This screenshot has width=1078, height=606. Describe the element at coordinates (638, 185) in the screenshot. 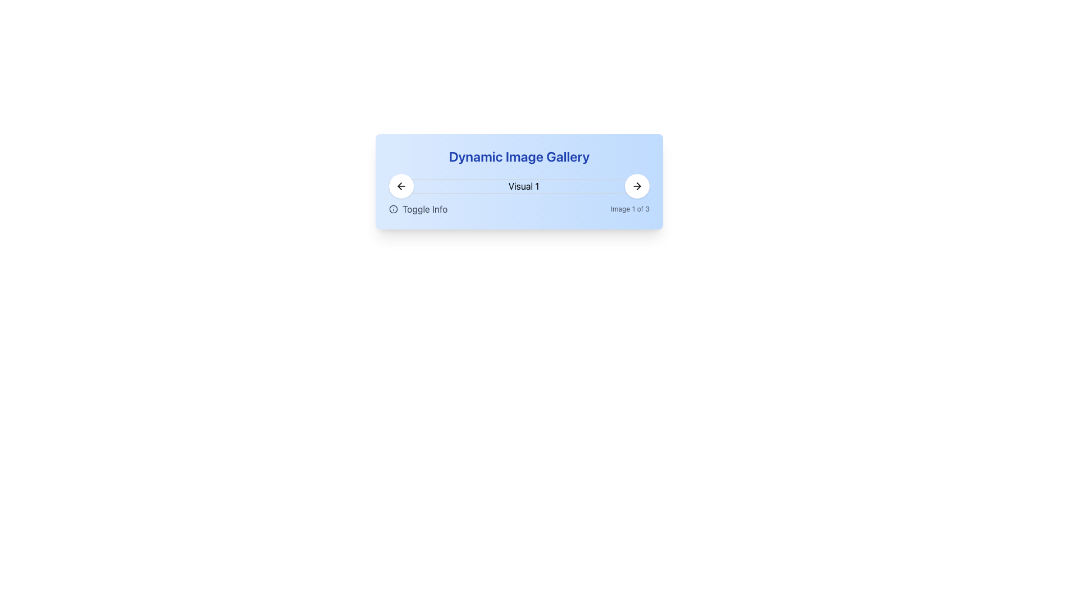

I see `the rightward arrow icon located at the top right side of the rectangular card` at that location.